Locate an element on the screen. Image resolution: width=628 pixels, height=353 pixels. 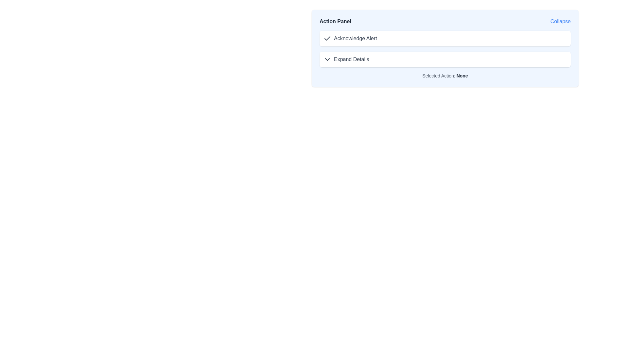
the 'Acknowledge Alert' button, which has a gray font and is located in the 'Action Panel' section above the 'Expand Details' option is located at coordinates (350, 39).